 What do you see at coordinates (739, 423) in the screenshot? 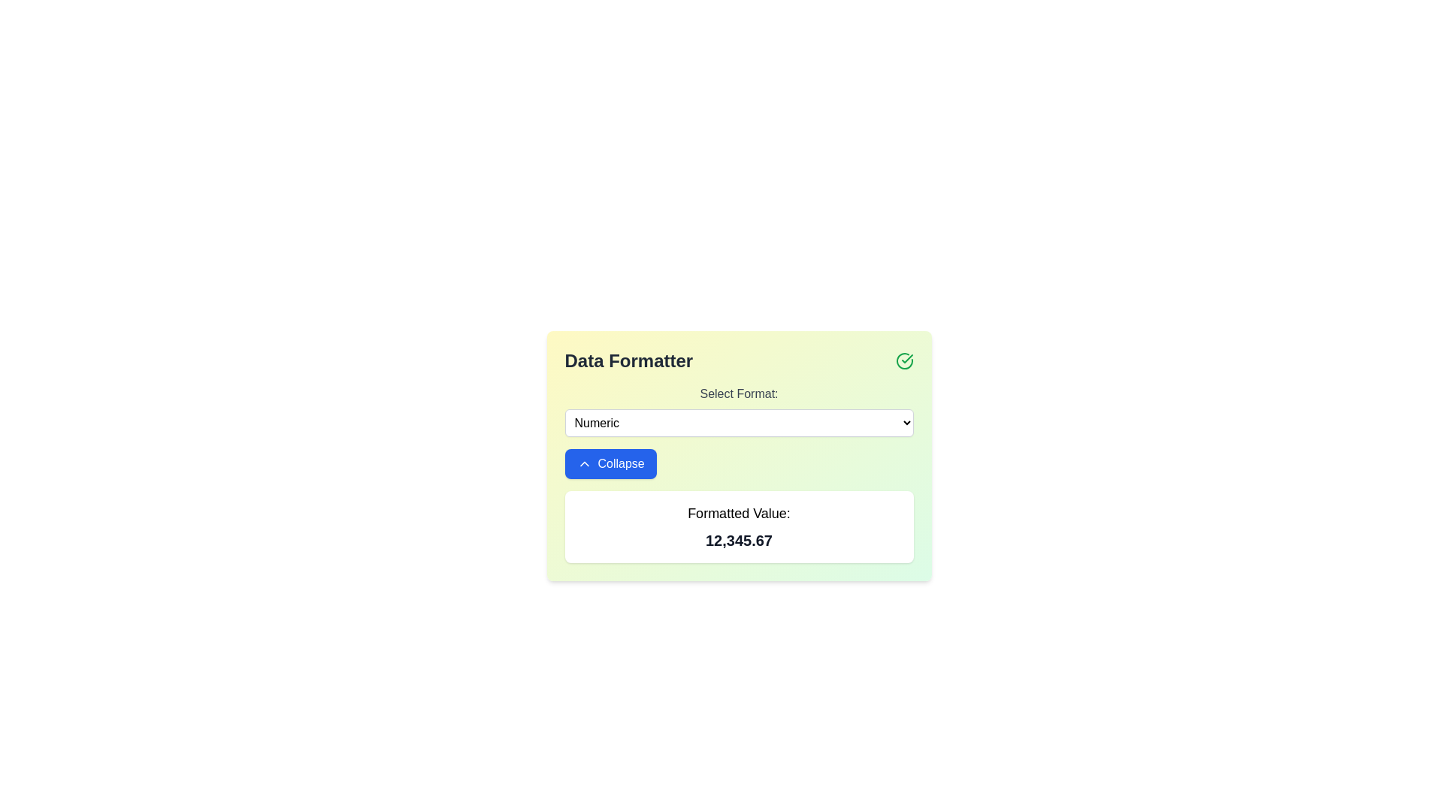
I see `the option 'Numeric' from the dropdown menu located below the label 'Select Format:' with a white background and rounded corners` at bounding box center [739, 423].